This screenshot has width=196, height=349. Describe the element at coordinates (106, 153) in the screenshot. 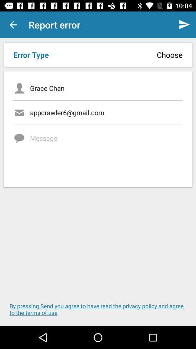

I see `message text box` at that location.